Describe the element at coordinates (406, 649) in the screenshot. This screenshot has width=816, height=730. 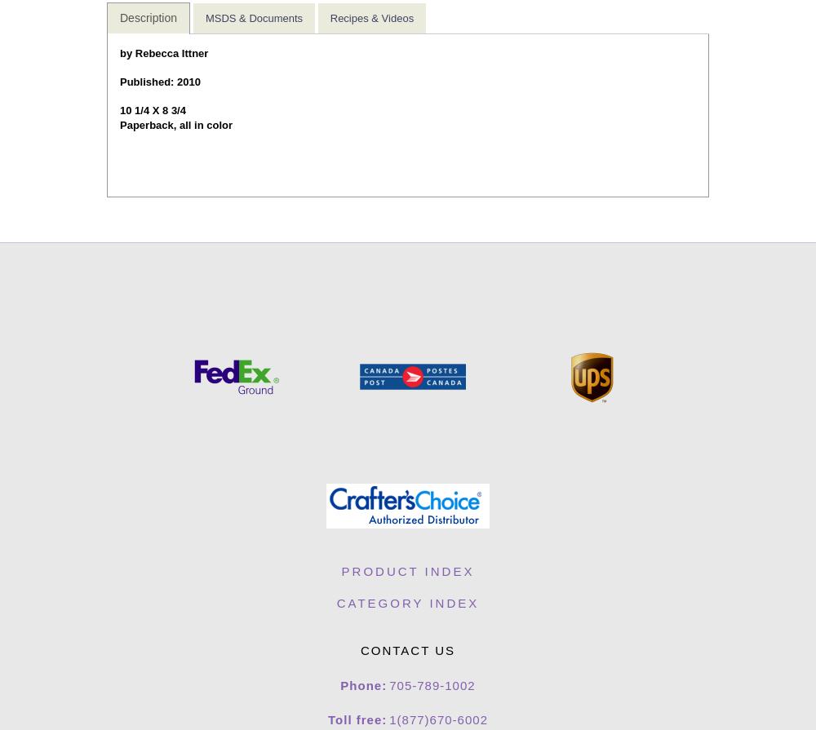
I see `'CONTACT US'` at that location.